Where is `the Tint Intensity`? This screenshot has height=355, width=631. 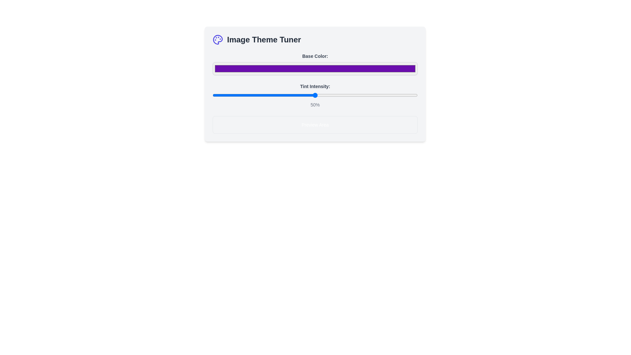
the Tint Intensity is located at coordinates (409, 95).